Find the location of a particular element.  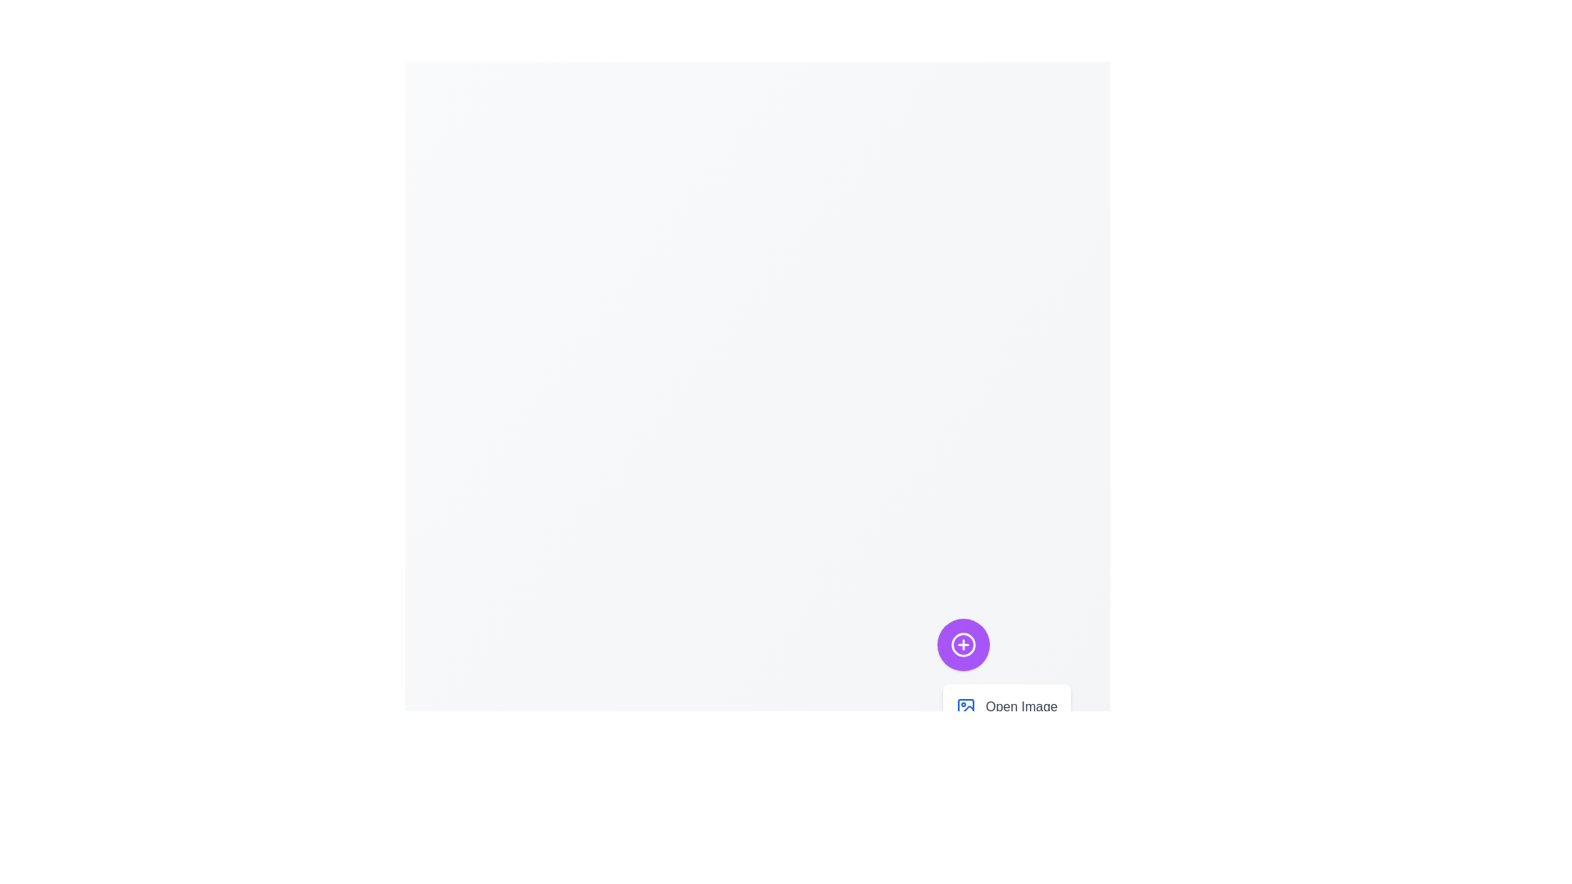

the Open Image from the speed dial menu is located at coordinates (1005, 706).